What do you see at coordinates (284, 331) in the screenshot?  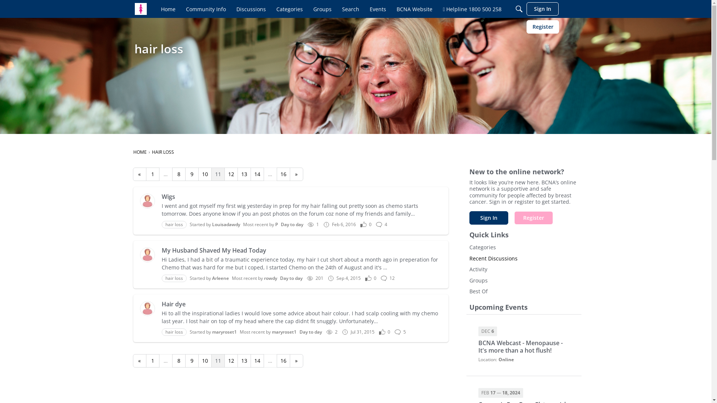 I see `'maryroset1'` at bounding box center [284, 331].